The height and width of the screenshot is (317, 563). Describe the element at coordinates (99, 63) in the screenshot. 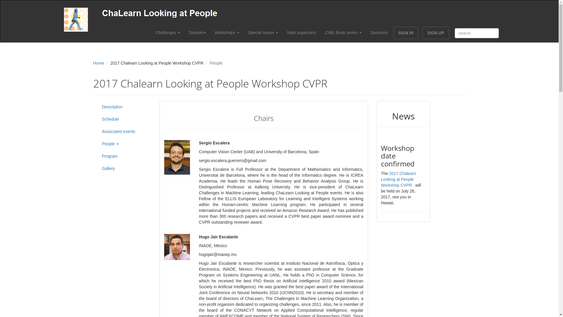

I see `'Home'` at that location.